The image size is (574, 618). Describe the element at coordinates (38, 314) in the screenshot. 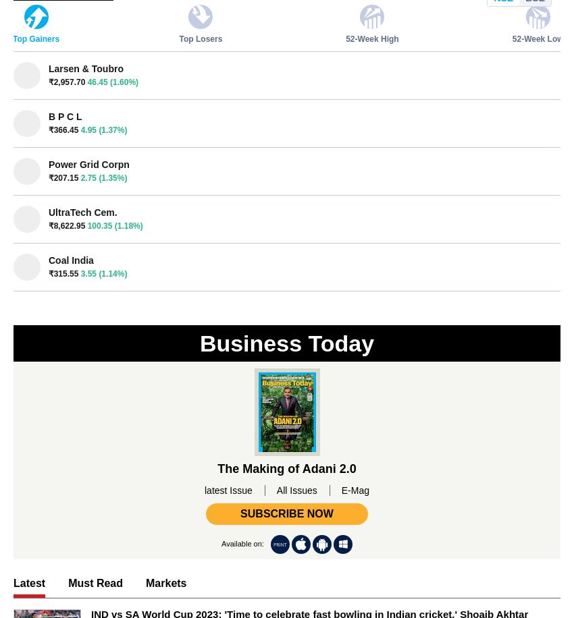

I see `'Deep Dive'` at that location.